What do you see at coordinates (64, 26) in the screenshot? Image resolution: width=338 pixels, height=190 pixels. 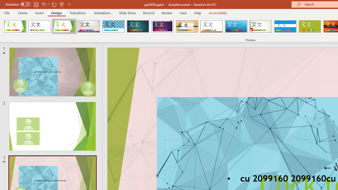 I see `'Facet'` at bounding box center [64, 26].